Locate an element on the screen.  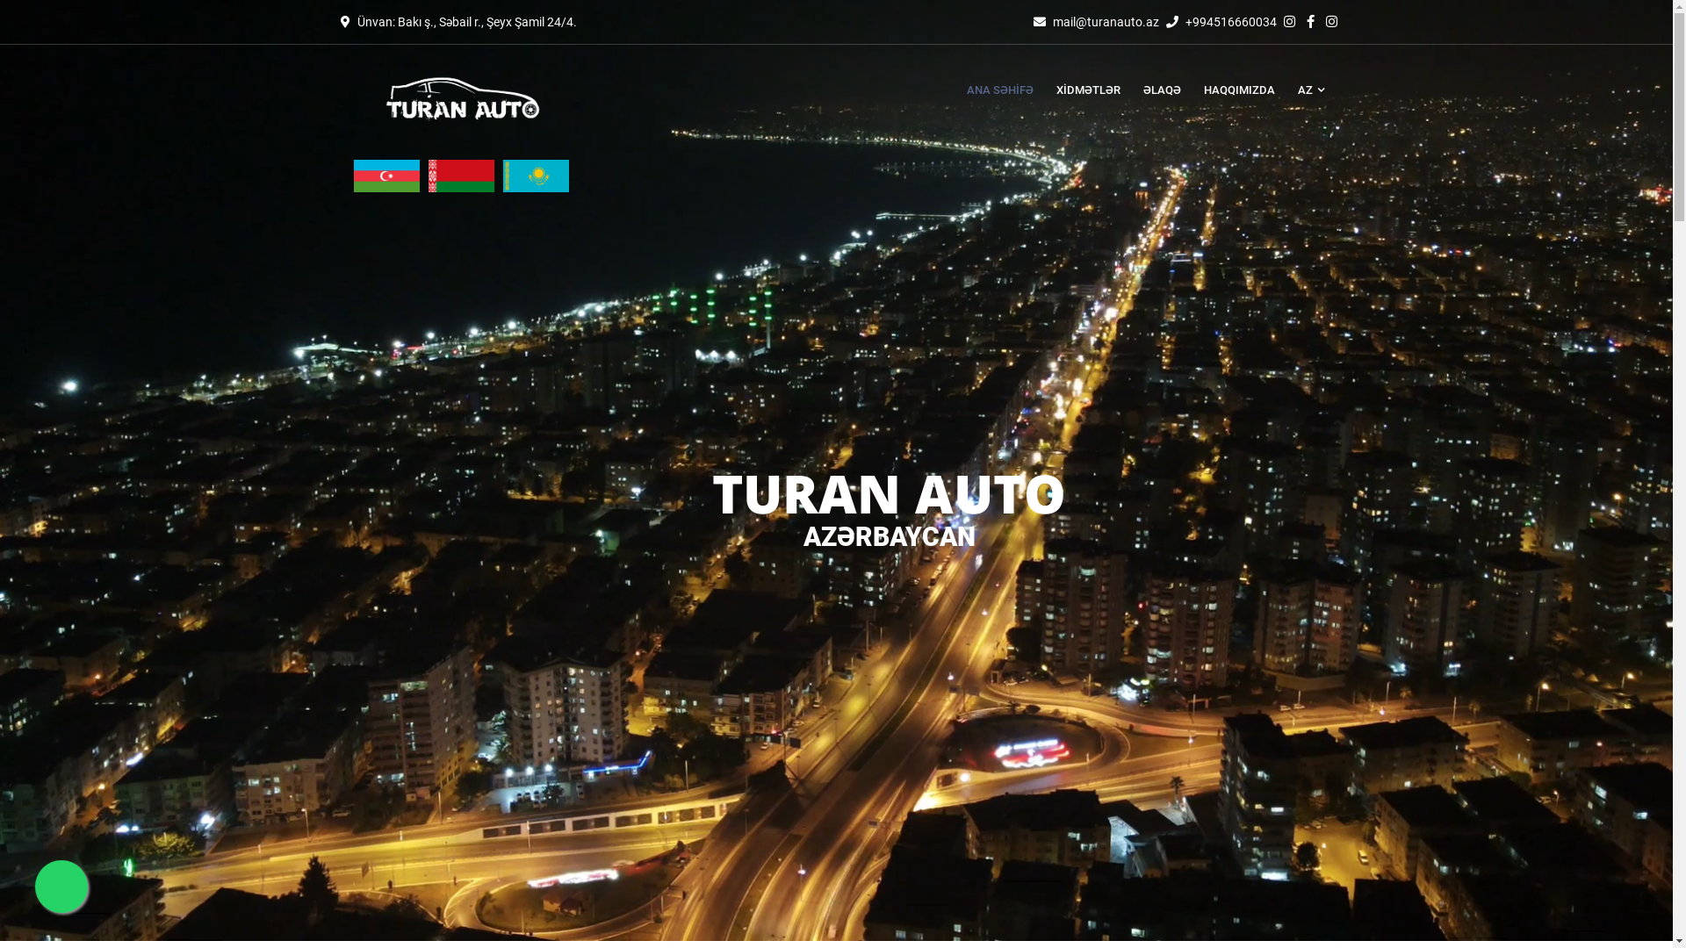
'https://www.instagram.com/turanauto.az/' is located at coordinates (1291, 21).